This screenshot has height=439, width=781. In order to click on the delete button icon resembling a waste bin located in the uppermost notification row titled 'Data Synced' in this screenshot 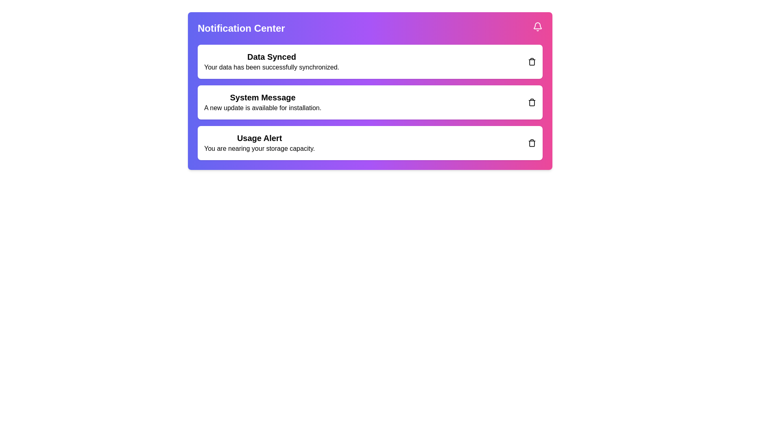, I will do `click(532, 61)`.